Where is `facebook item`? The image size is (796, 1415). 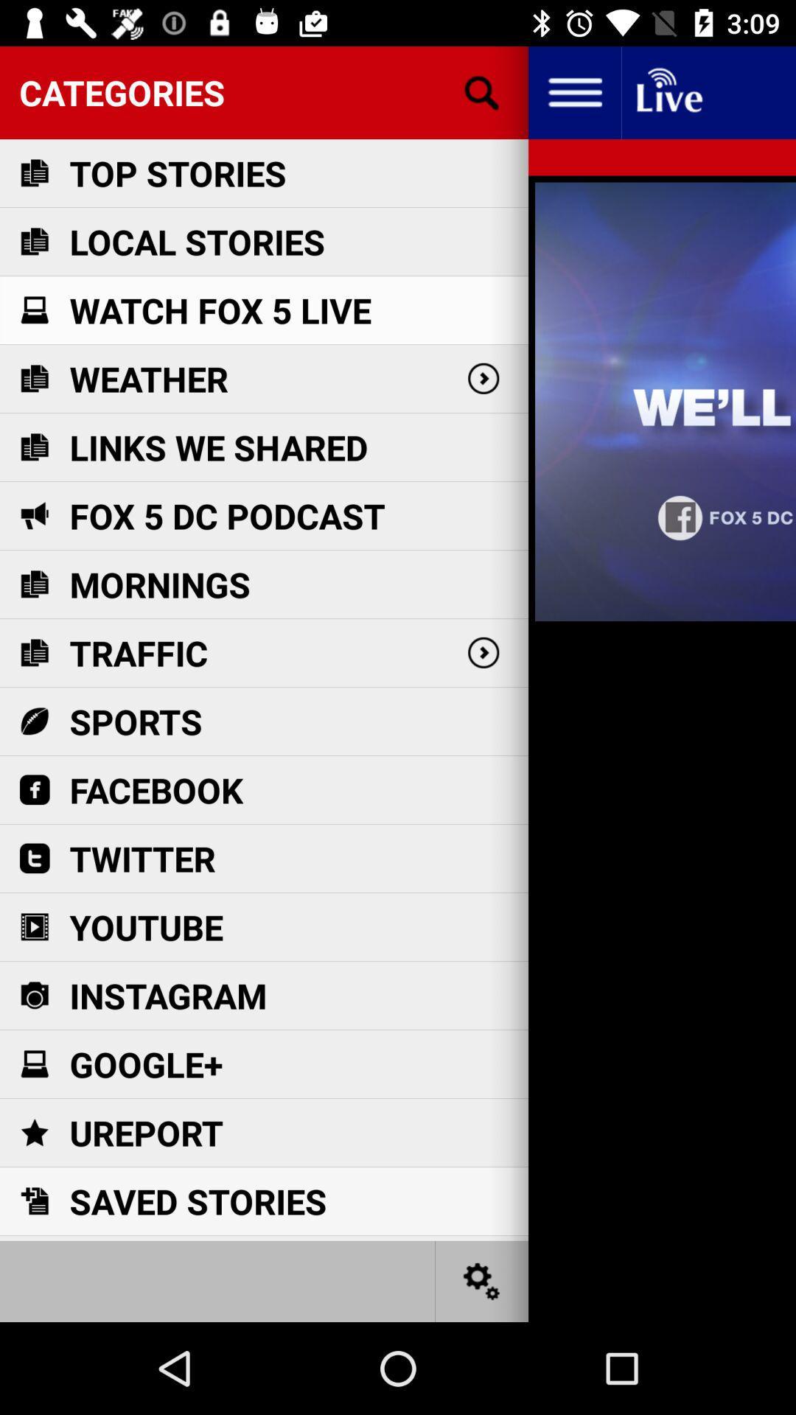 facebook item is located at coordinates (156, 789).